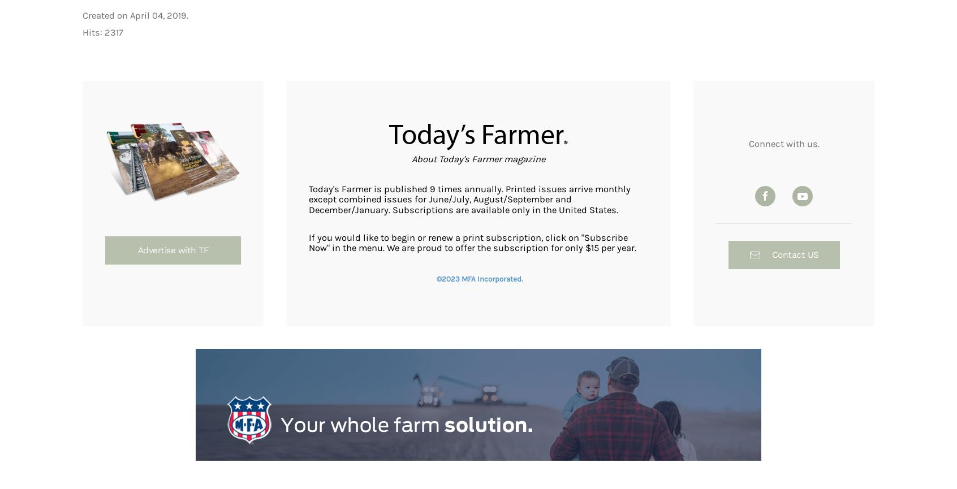 Image resolution: width=957 pixels, height=489 pixels. Describe the element at coordinates (478, 278) in the screenshot. I see `'©2023 MFA Incorporated.'` at that location.